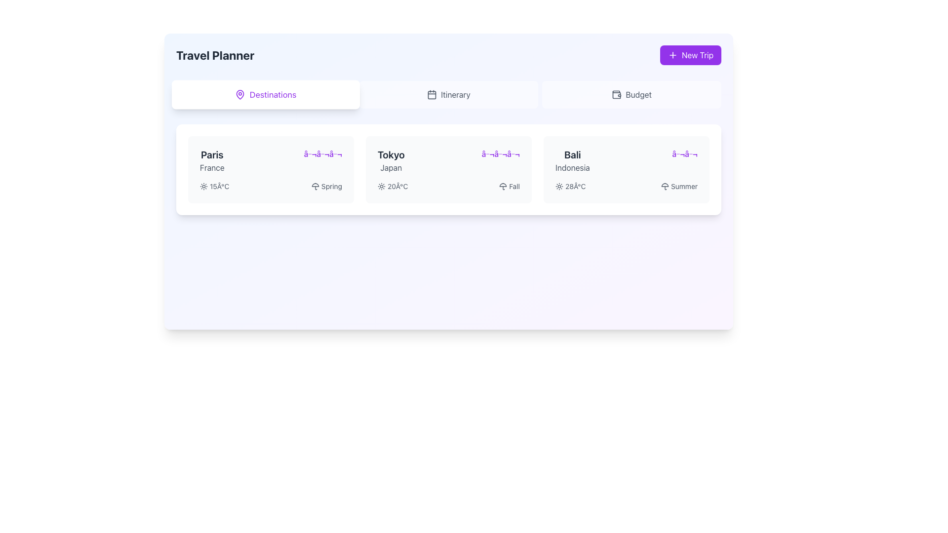  What do you see at coordinates (327, 187) in the screenshot?
I see `the text 'Spring' with the umbrella icon located in the lower-right section of the card labeled 'Paris, France'` at bounding box center [327, 187].